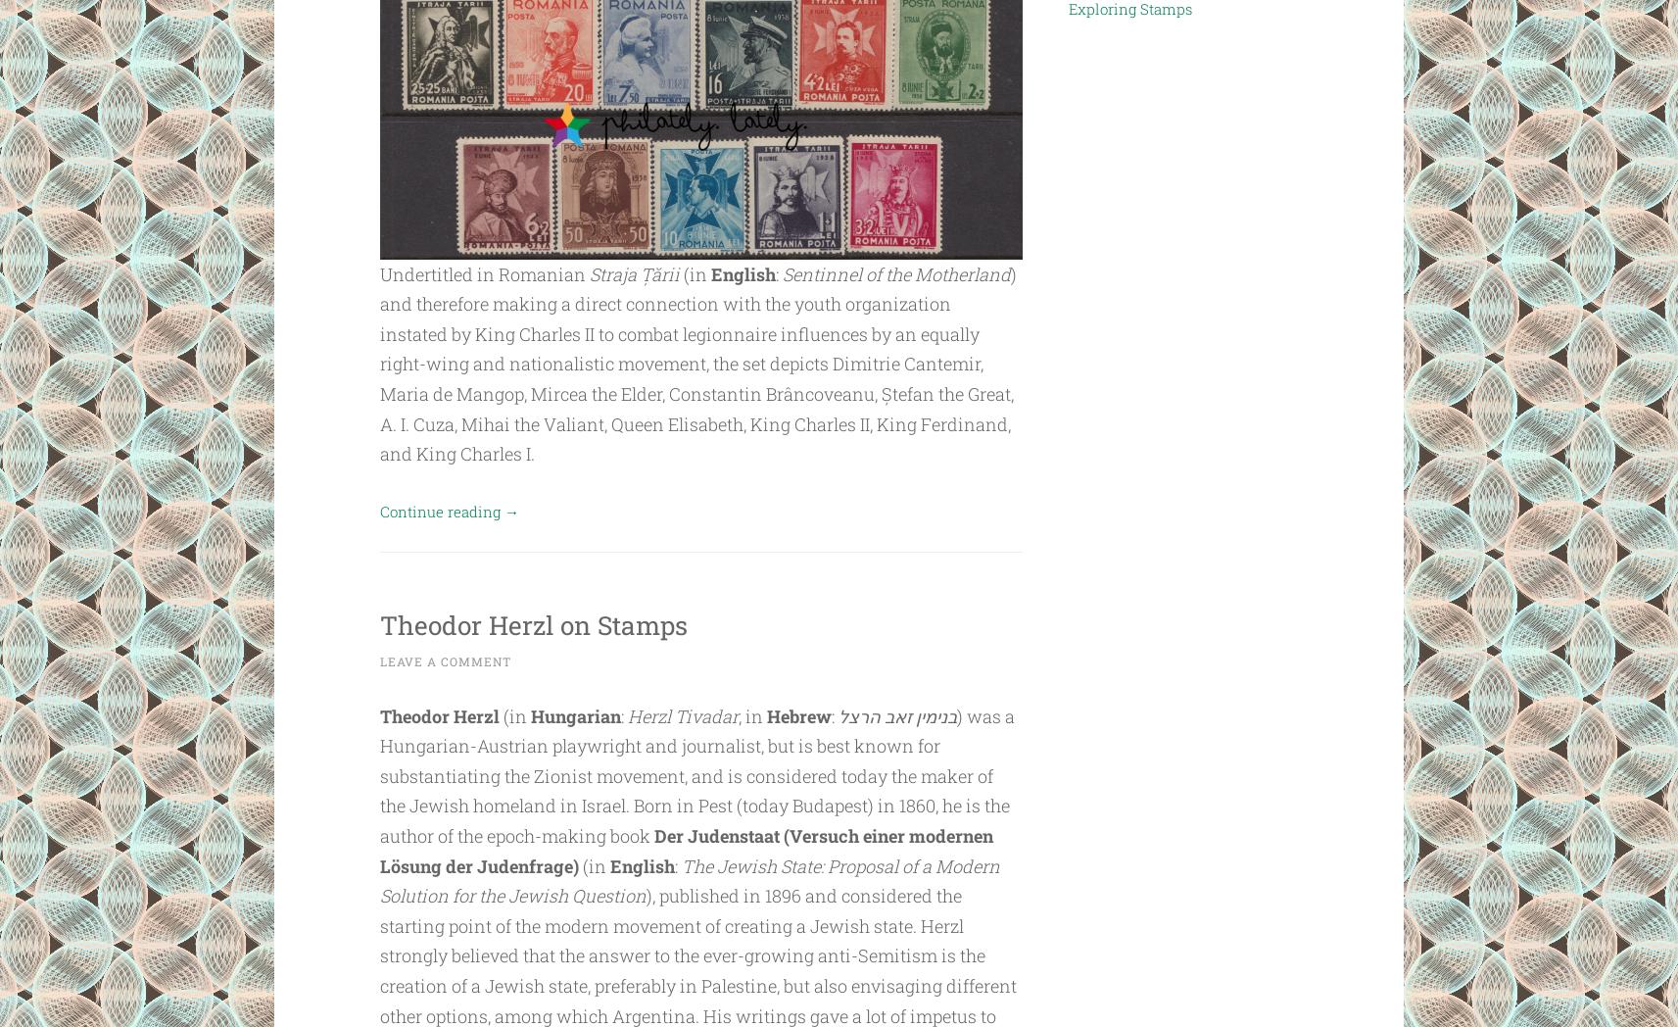 This screenshot has height=1027, width=1678. I want to click on 'Theodor Herzl', so click(438, 714).